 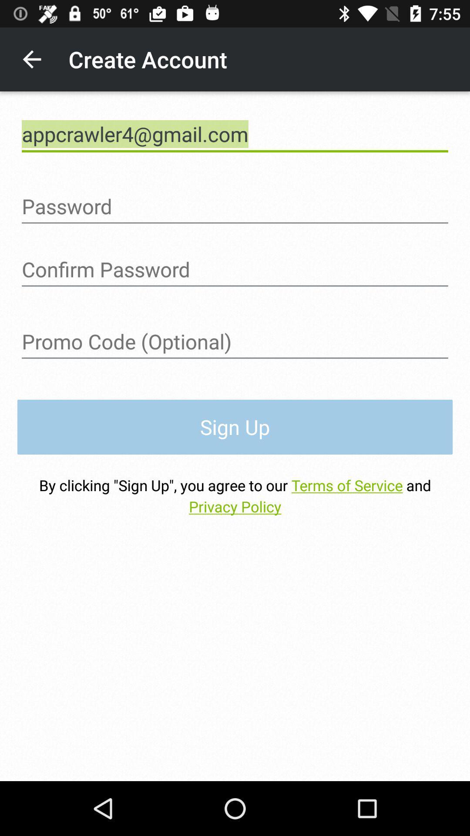 What do you see at coordinates (235, 341) in the screenshot?
I see `promo code optional` at bounding box center [235, 341].